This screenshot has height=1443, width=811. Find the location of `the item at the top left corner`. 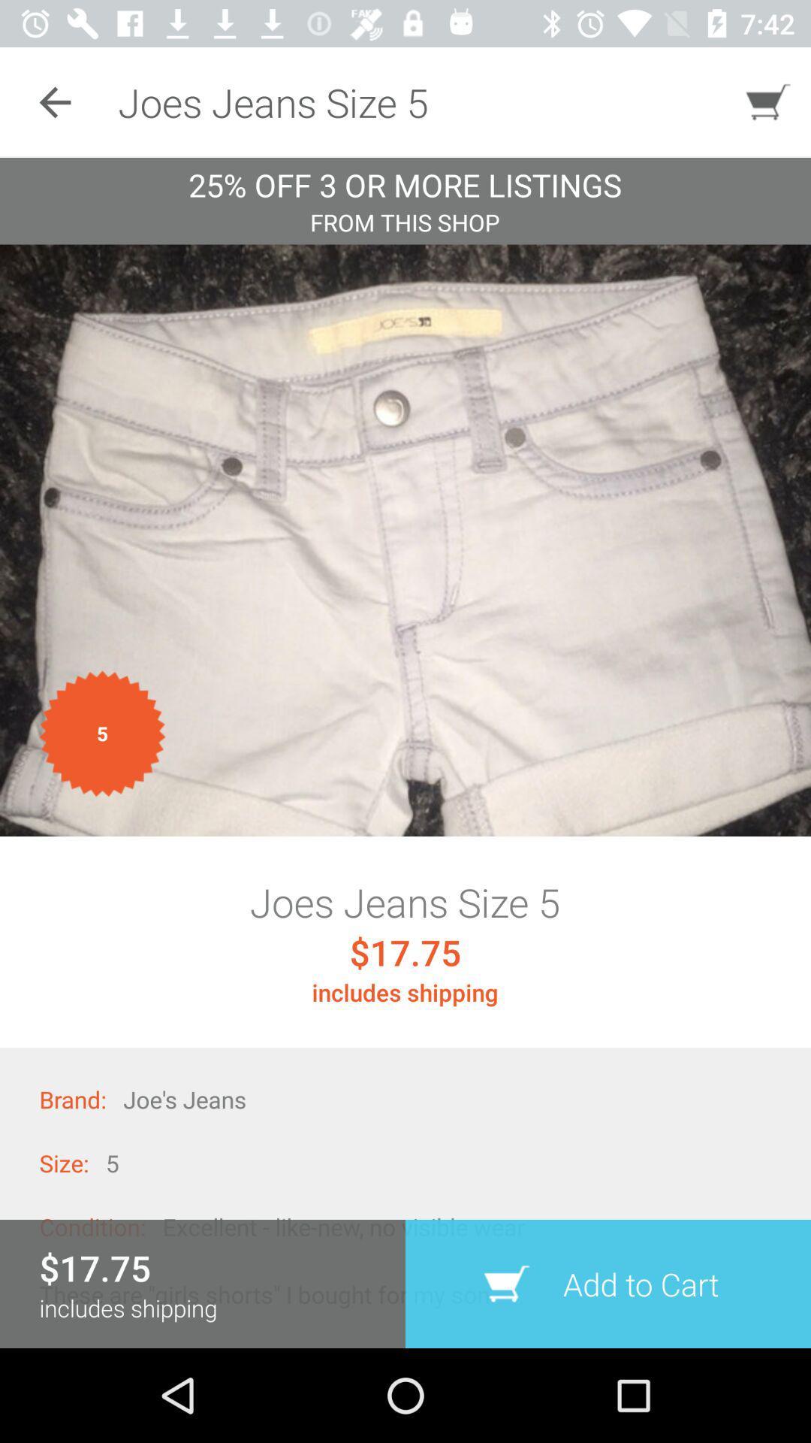

the item at the top left corner is located at coordinates (54, 101).